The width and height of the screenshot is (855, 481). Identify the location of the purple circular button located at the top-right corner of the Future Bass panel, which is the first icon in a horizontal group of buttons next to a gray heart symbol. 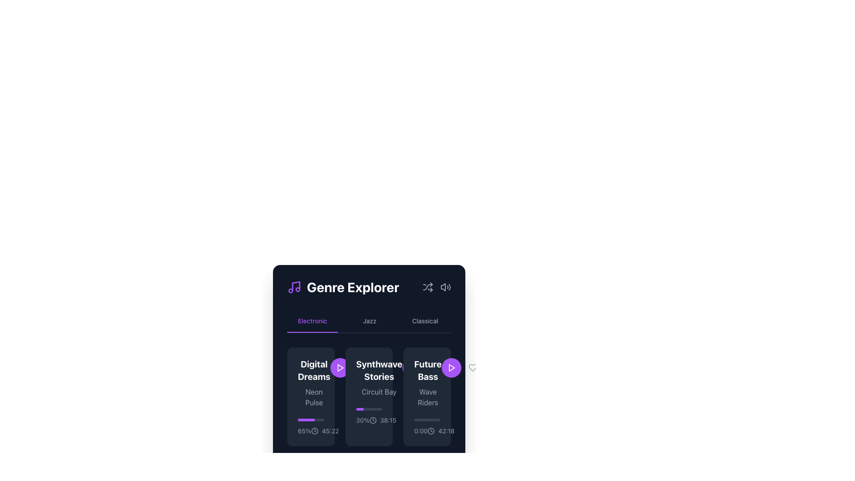
(467, 367).